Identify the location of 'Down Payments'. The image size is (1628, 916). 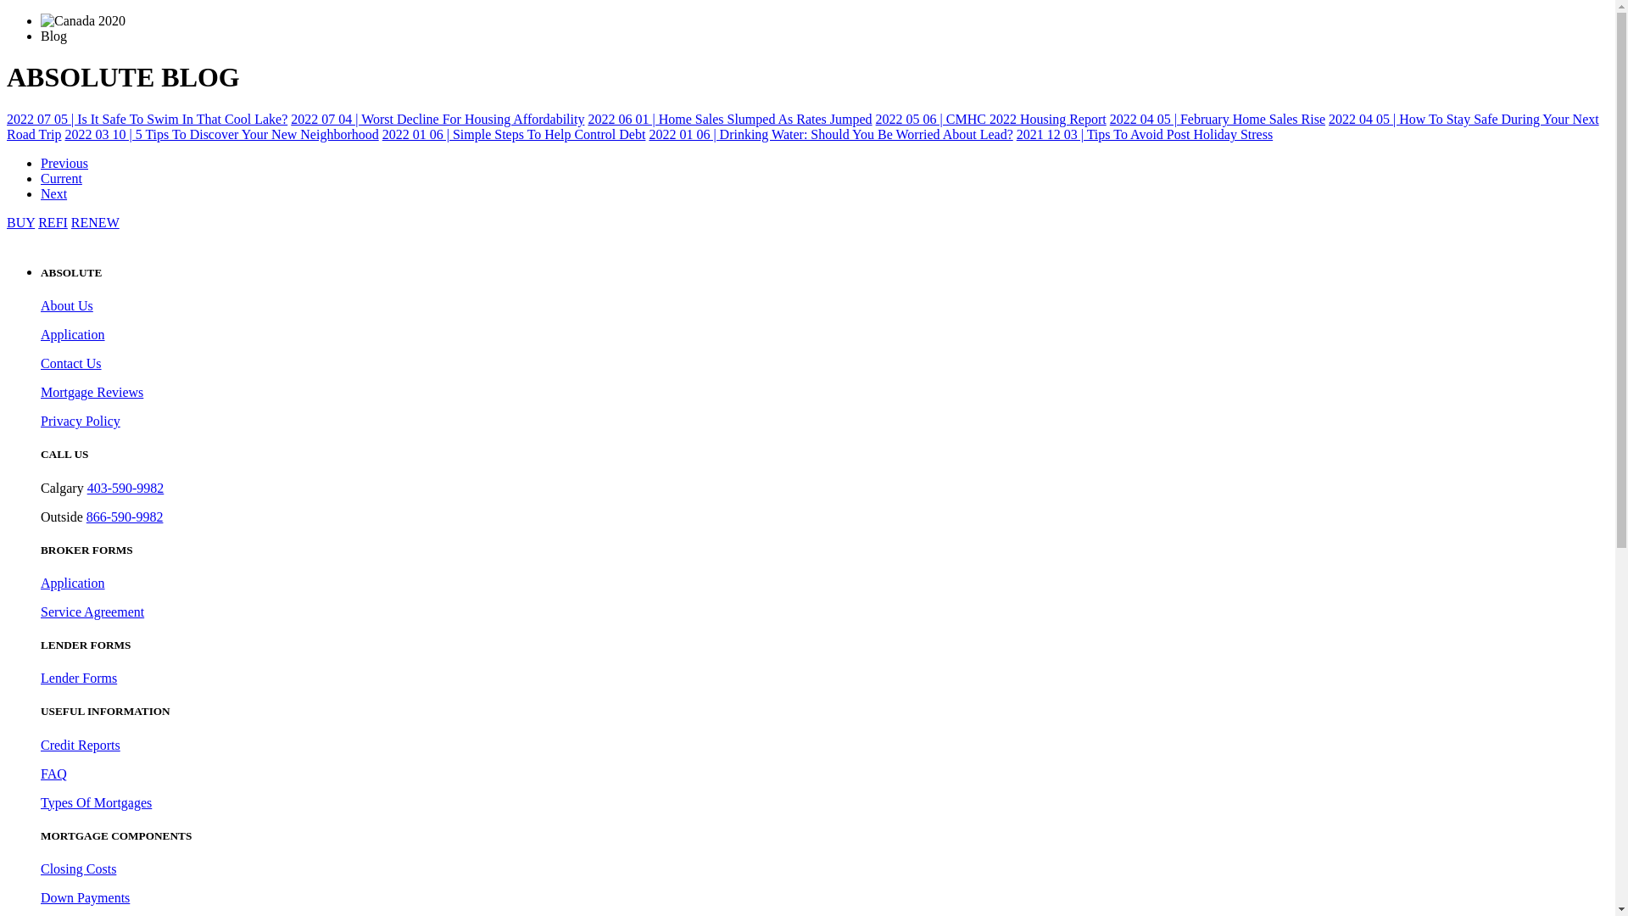
(84, 896).